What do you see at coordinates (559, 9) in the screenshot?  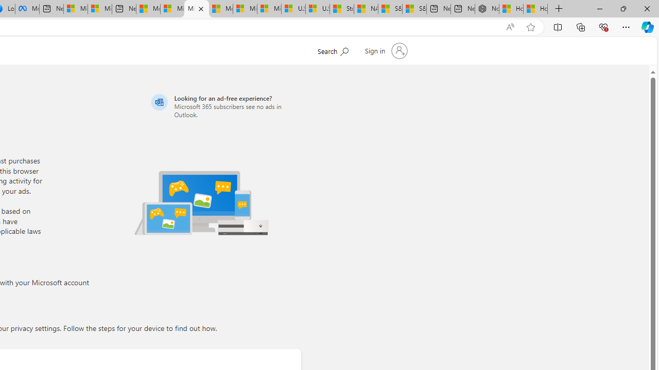 I see `'New Tab'` at bounding box center [559, 9].